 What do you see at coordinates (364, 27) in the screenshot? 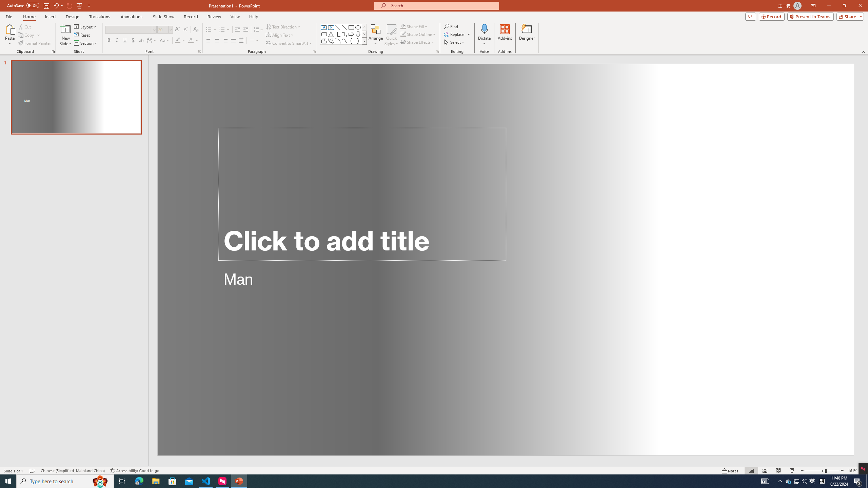
I see `'Row up'` at bounding box center [364, 27].